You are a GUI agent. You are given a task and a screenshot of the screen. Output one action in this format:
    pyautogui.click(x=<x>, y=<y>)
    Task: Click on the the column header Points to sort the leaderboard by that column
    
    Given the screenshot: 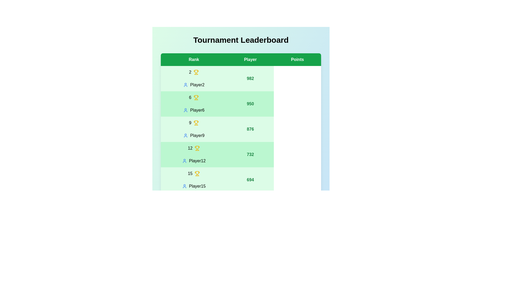 What is the action you would take?
    pyautogui.click(x=297, y=59)
    